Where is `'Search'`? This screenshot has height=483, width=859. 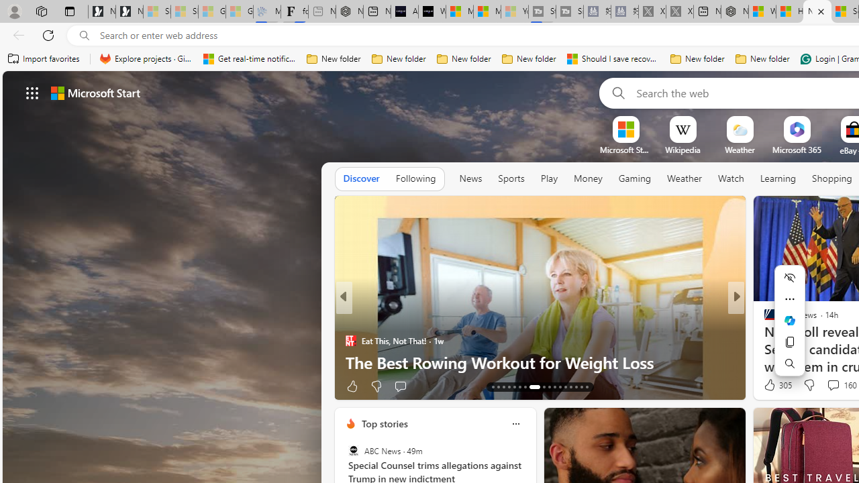 'Search' is located at coordinates (789, 364).